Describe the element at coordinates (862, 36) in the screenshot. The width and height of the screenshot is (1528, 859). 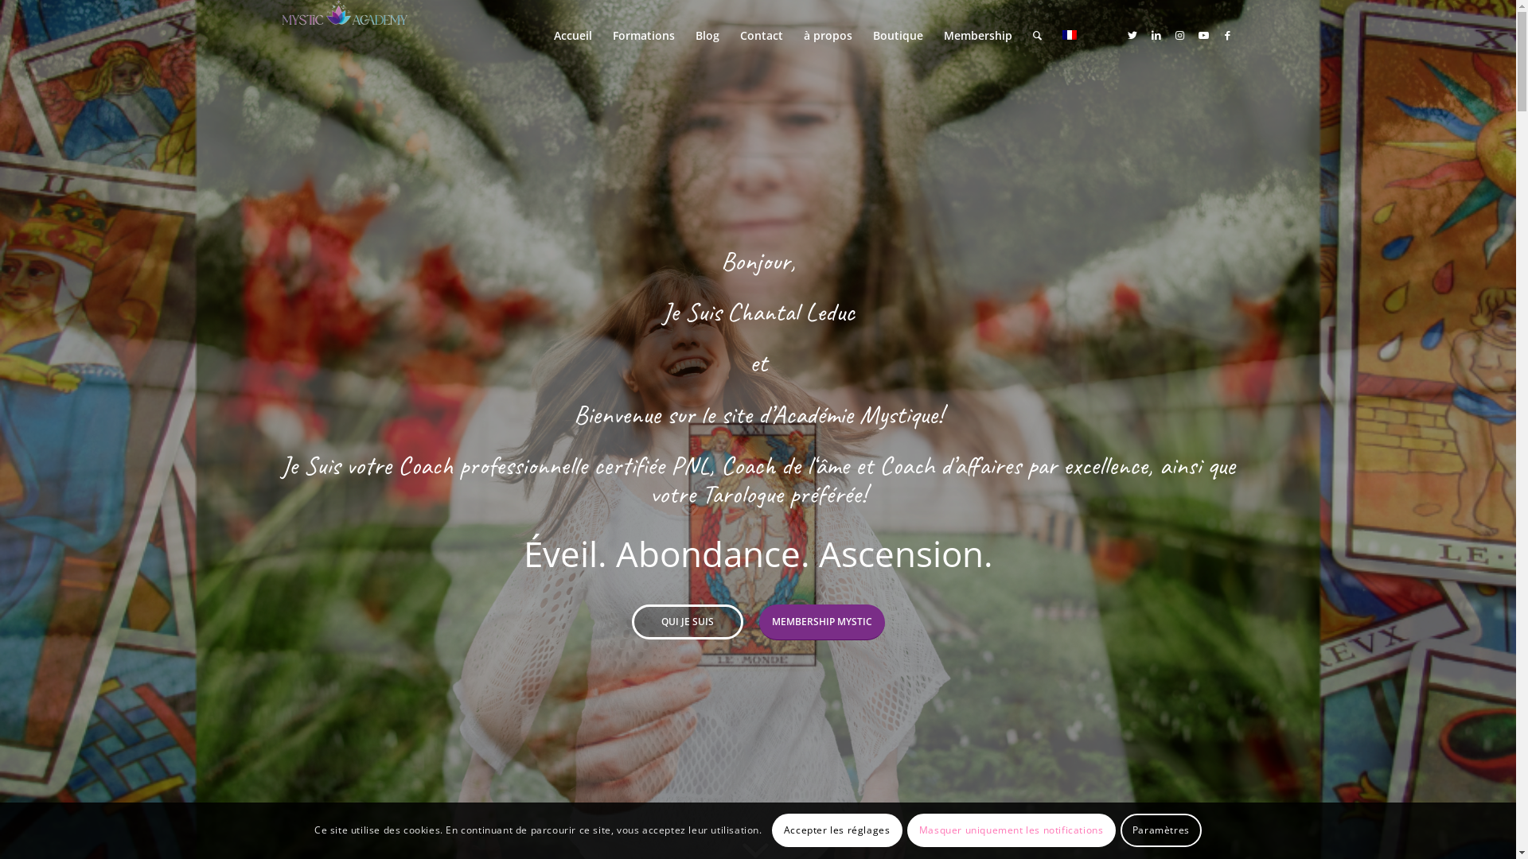
I see `'Boutique'` at that location.